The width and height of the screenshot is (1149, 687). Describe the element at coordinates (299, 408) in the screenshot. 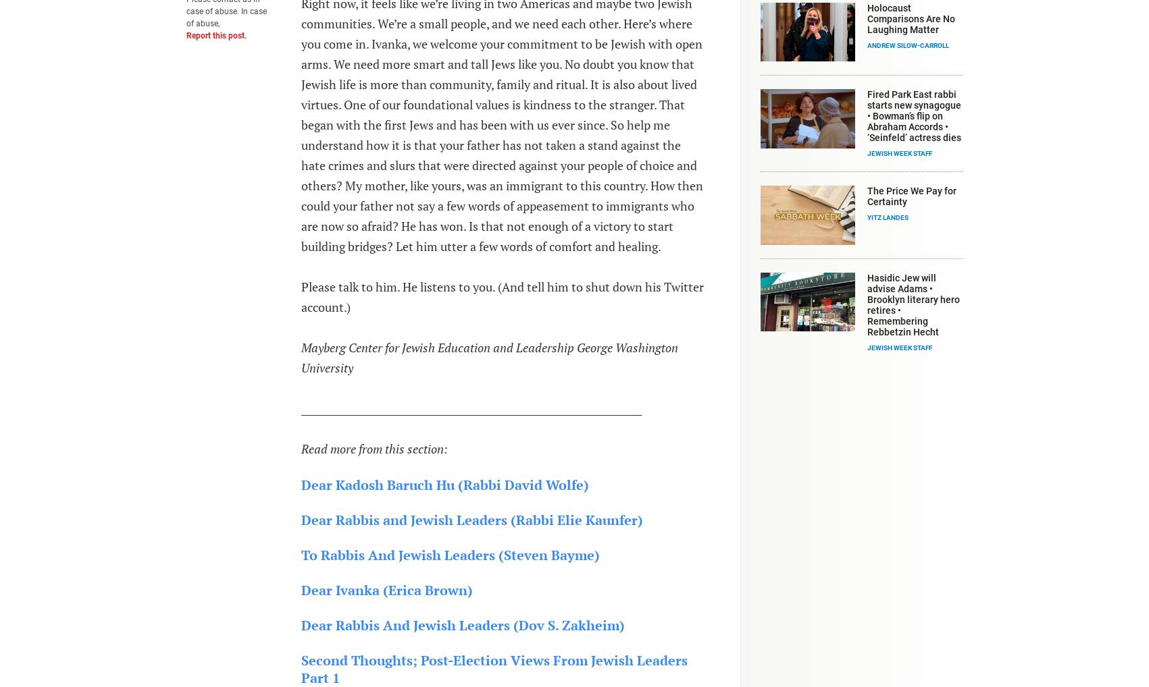

I see `'________________________________________________________________________'` at that location.